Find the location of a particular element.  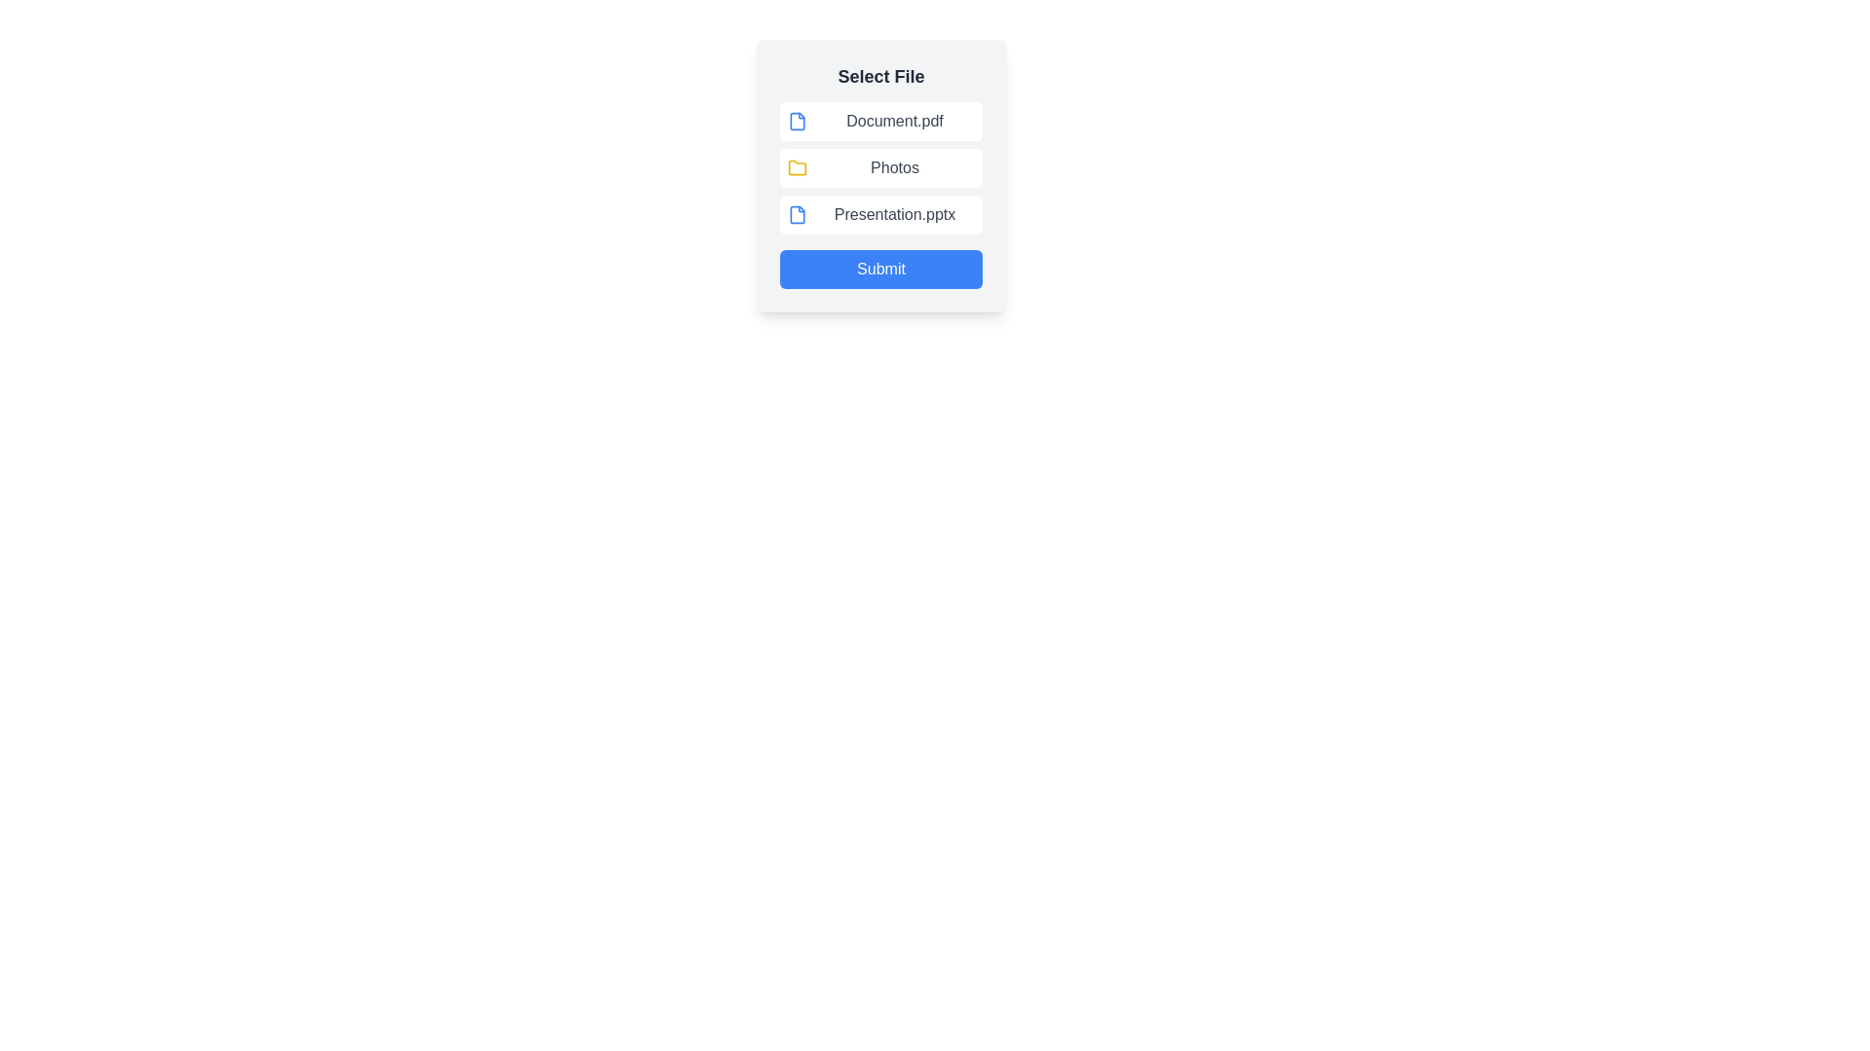

the selectable item in the list located centrally between the 'Select File' title and the 'Submit' button is located at coordinates (880, 167).